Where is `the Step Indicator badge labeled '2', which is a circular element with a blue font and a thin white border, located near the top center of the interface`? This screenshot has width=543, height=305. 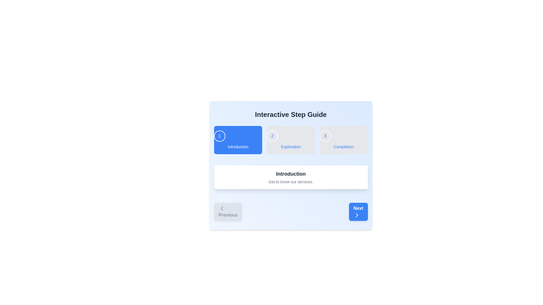
the Step Indicator badge labeled '2', which is a circular element with a blue font and a thin white border, located near the top center of the interface is located at coordinates (272, 136).